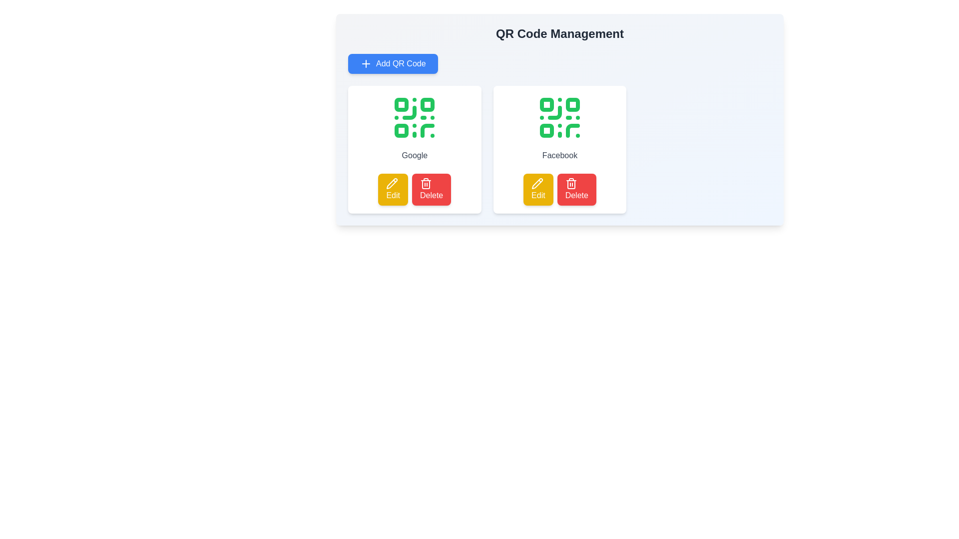 The height and width of the screenshot is (539, 959). What do you see at coordinates (428, 104) in the screenshot?
I see `the small green square with rounded corners that is the second square in the top row of the QR code design` at bounding box center [428, 104].